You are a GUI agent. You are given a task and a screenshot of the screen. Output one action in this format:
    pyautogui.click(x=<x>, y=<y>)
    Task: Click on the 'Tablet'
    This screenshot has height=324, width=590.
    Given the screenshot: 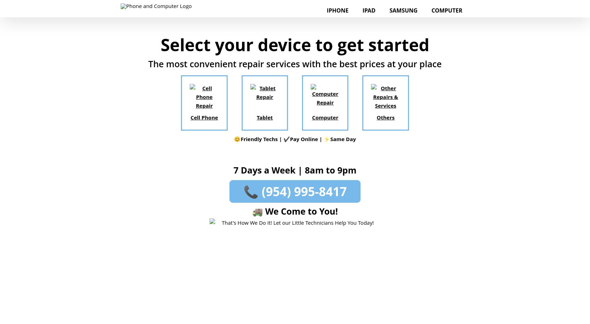 What is the action you would take?
    pyautogui.click(x=264, y=117)
    